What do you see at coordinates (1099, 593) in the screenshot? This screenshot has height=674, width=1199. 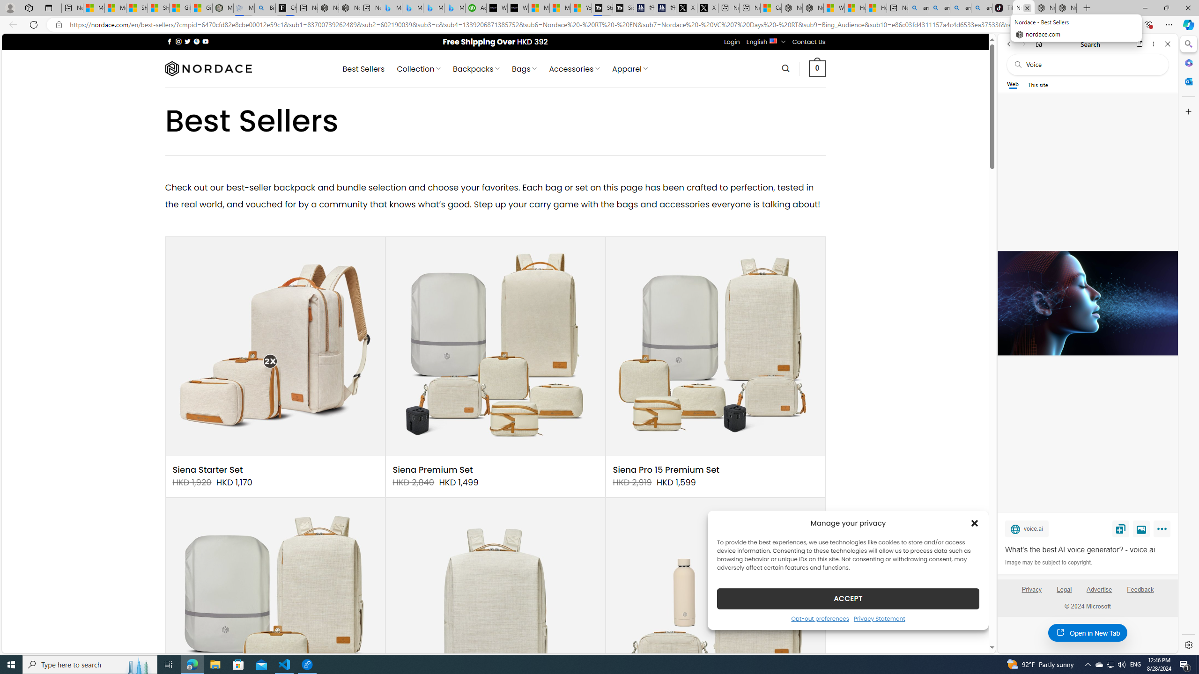 I see `'Advertise'` at bounding box center [1099, 593].